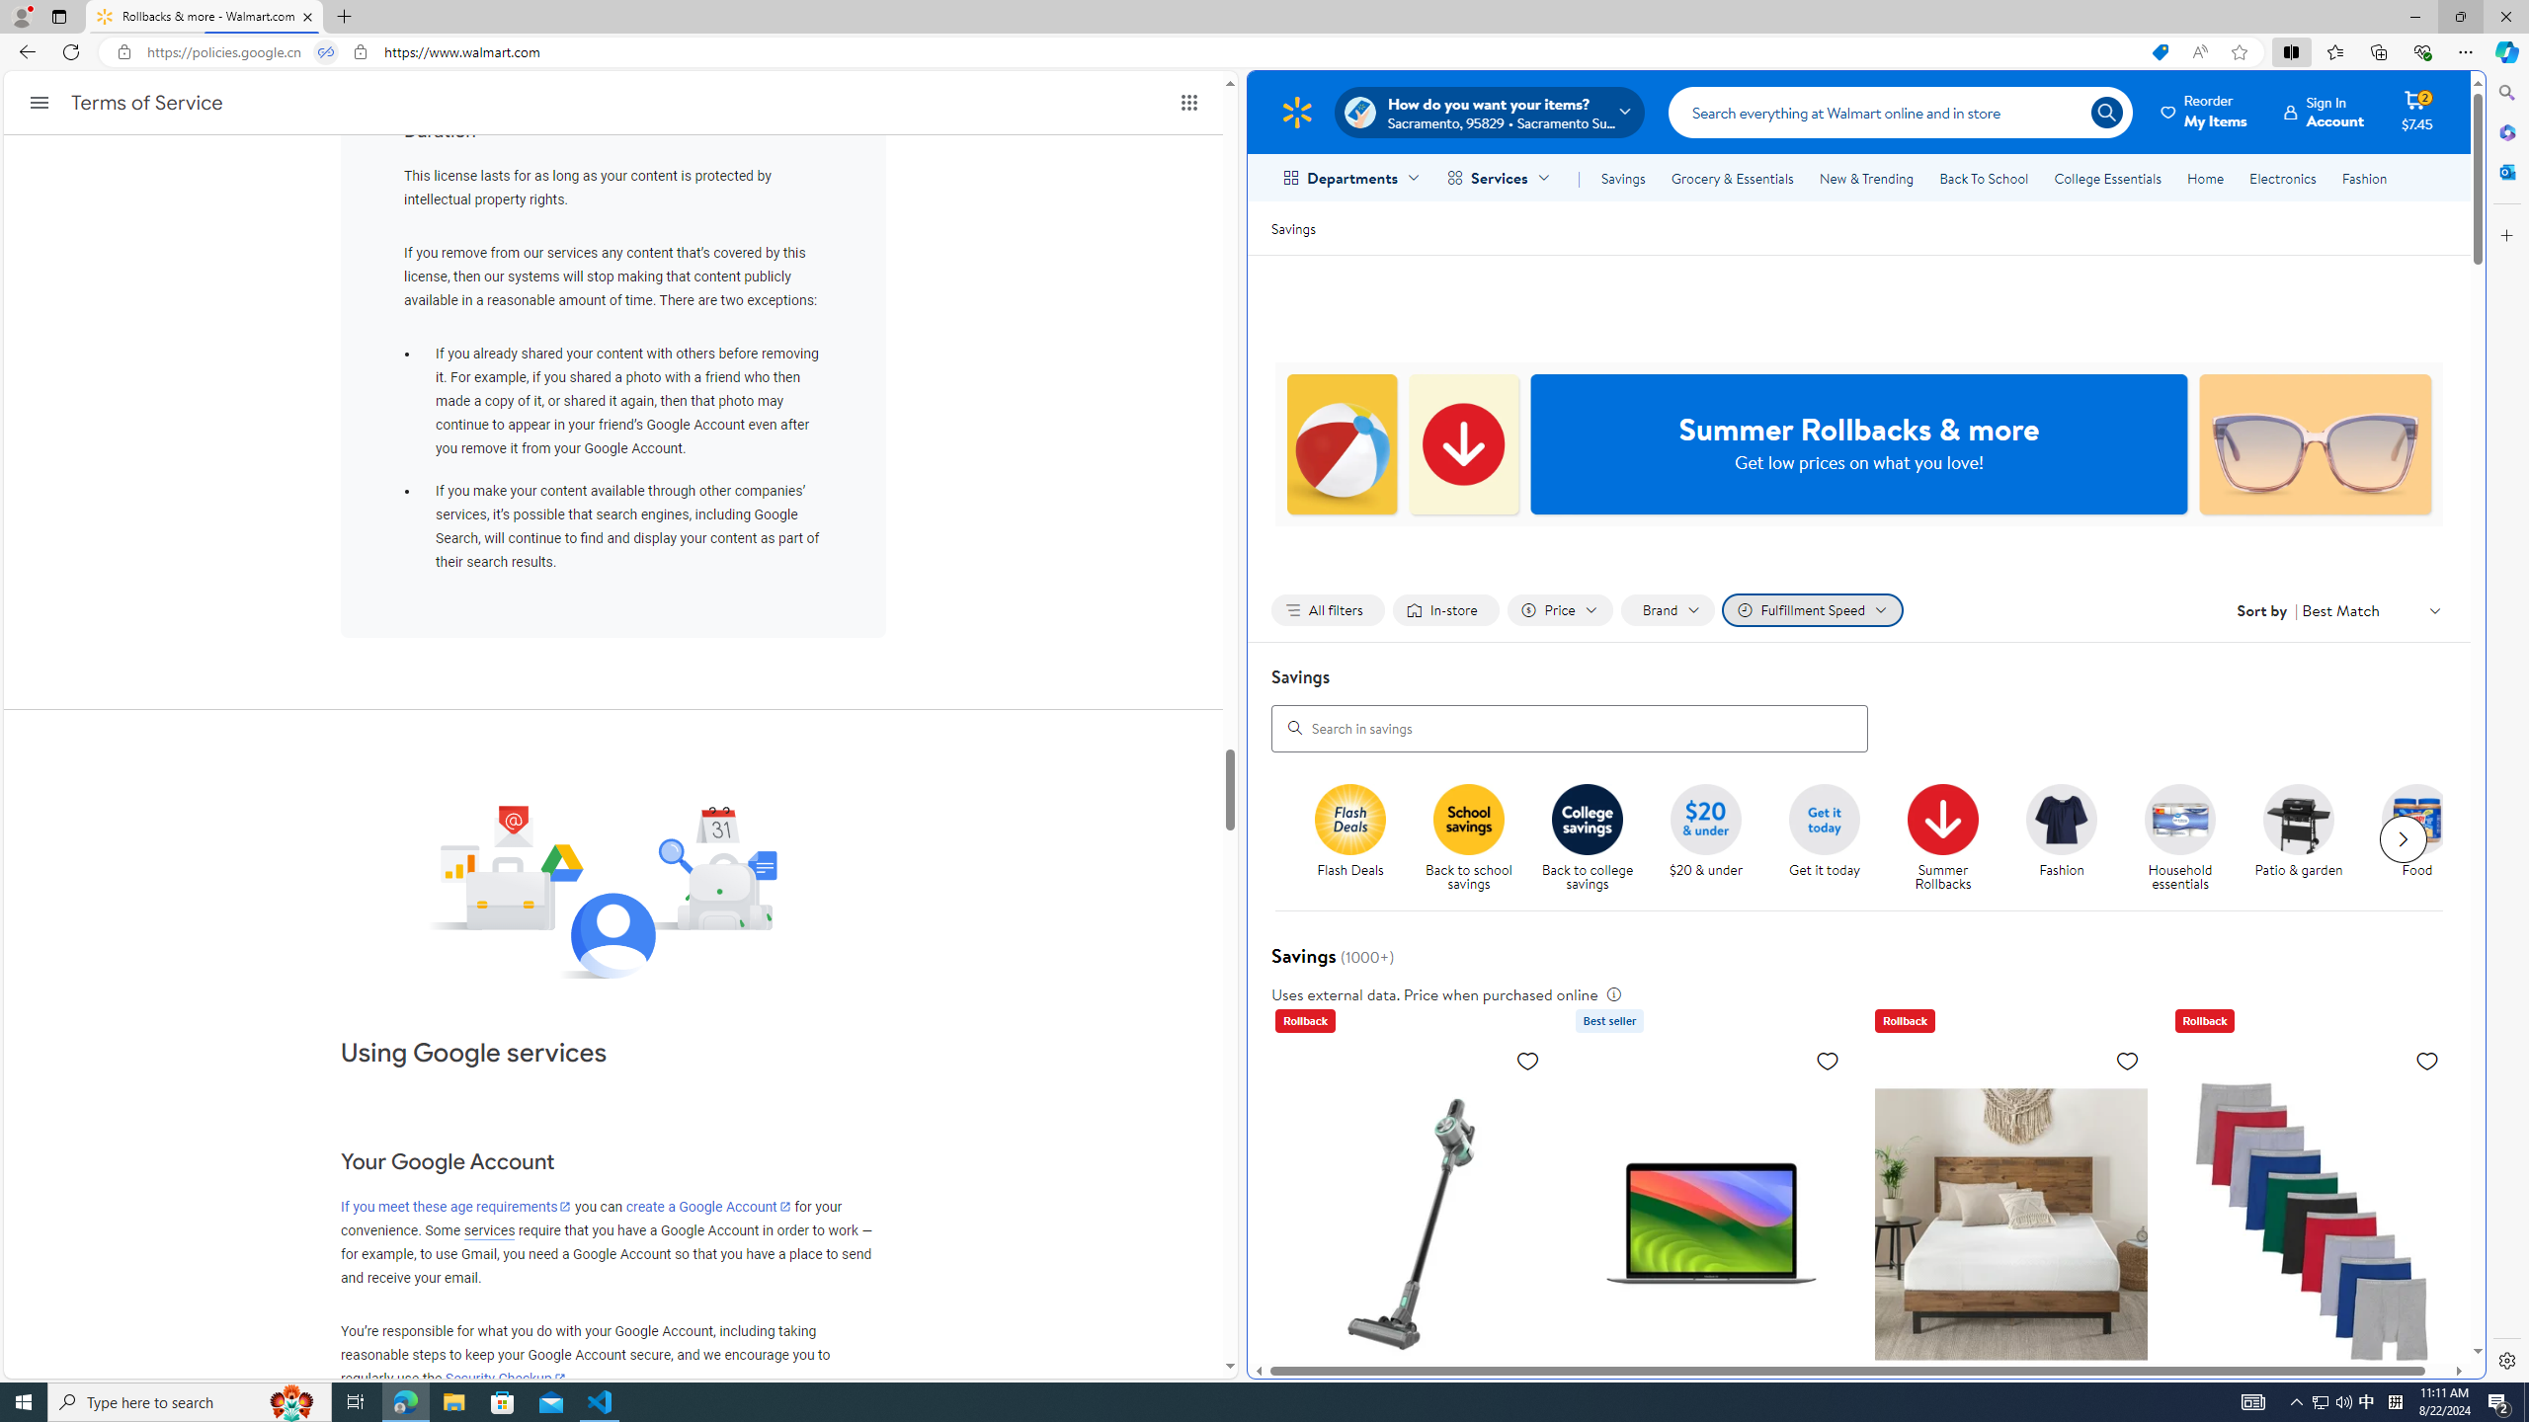 Image resolution: width=2529 pixels, height=1422 pixels. I want to click on 'Close Search pane', so click(2504, 92).